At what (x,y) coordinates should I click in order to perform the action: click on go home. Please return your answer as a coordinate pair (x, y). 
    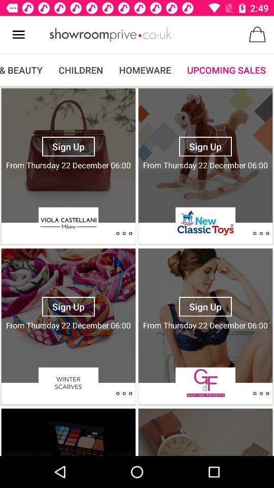
    Looking at the image, I should click on (110, 35).